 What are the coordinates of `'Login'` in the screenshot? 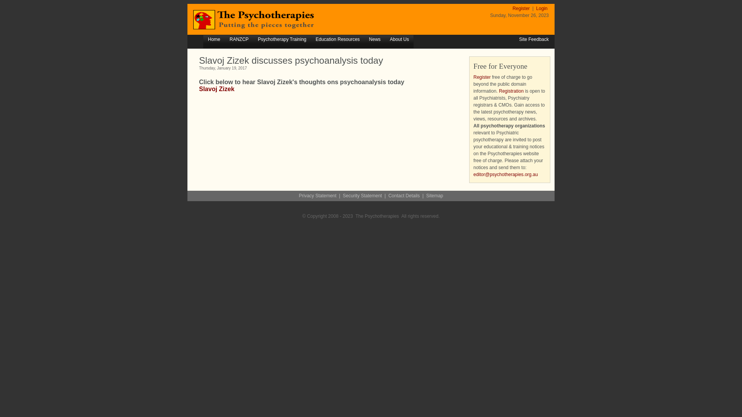 It's located at (541, 8).